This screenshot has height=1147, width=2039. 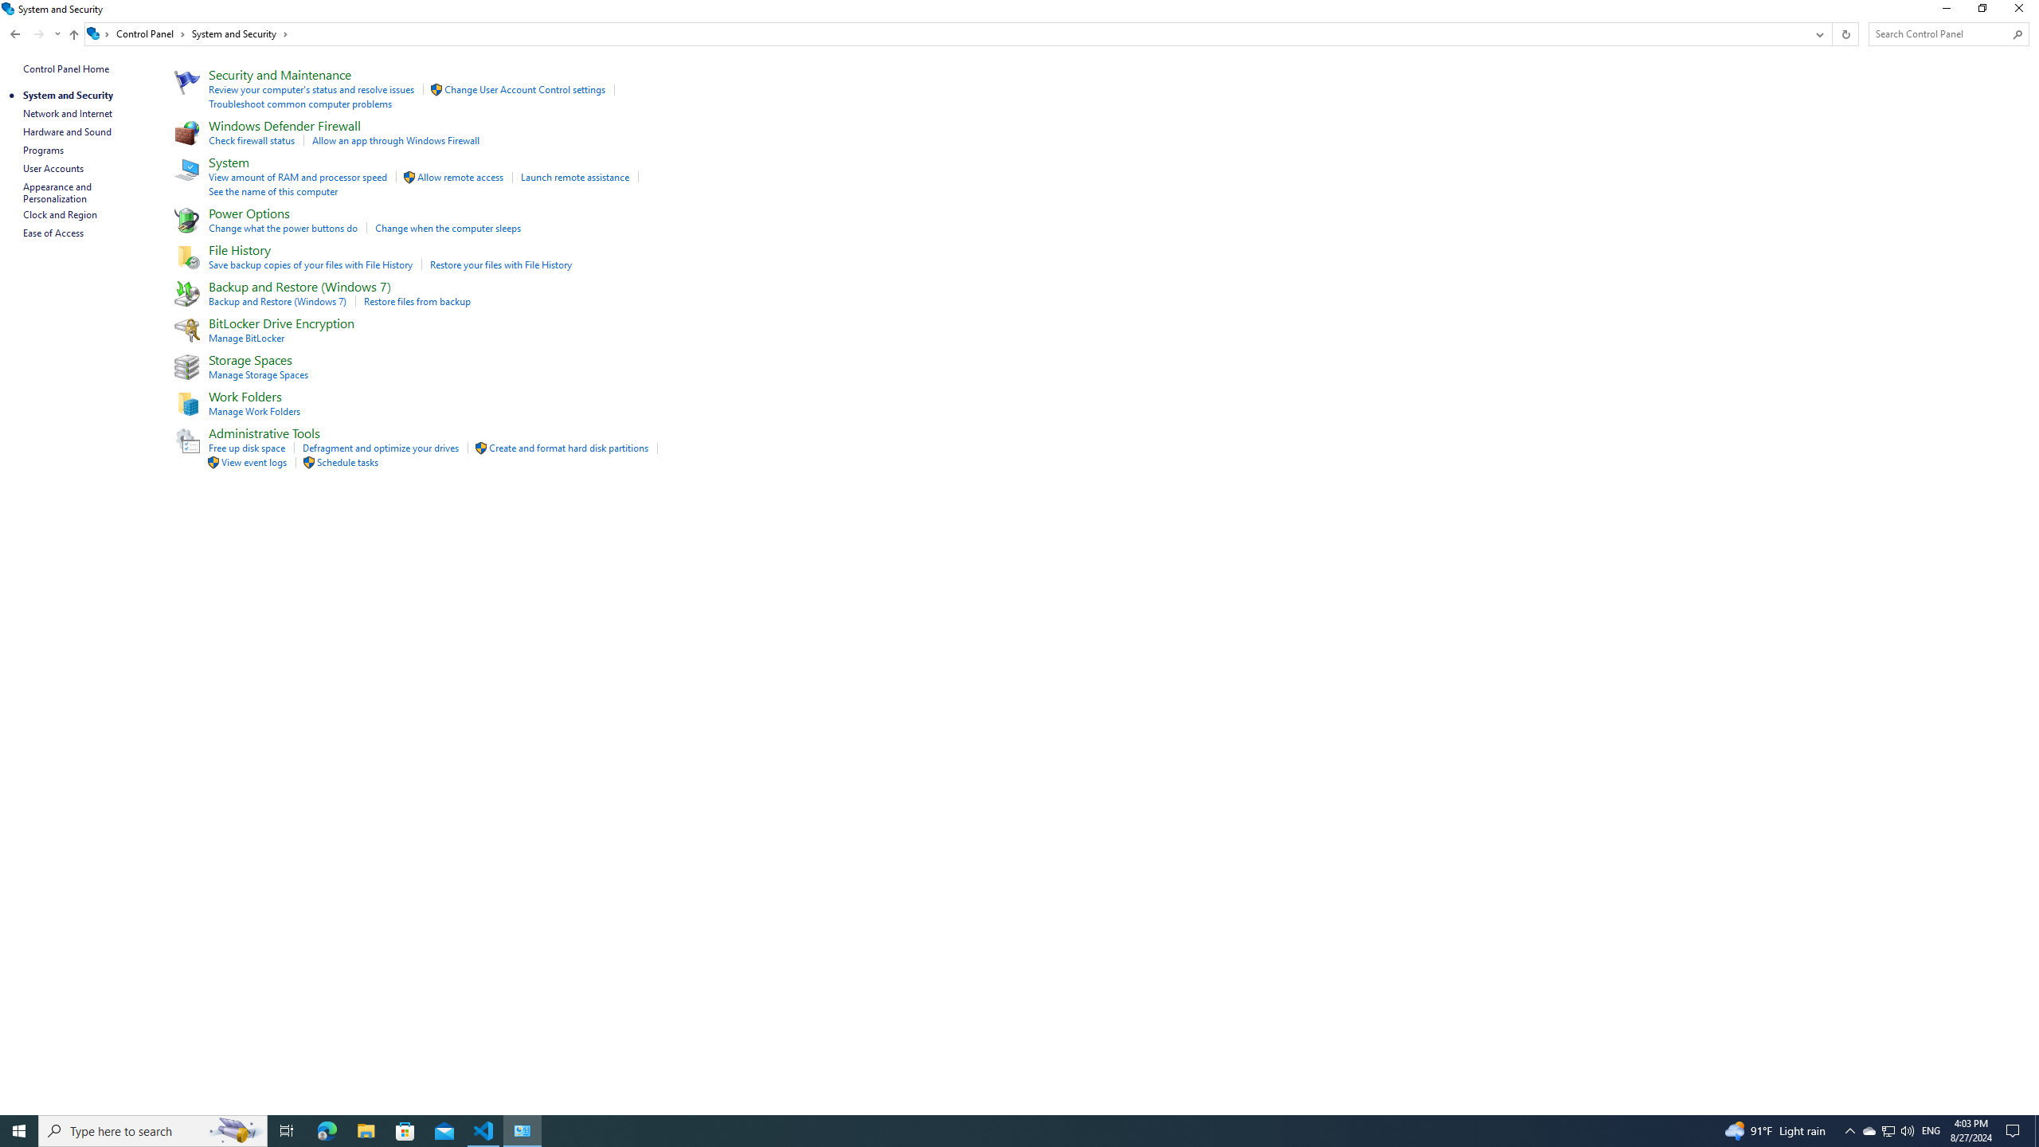 What do you see at coordinates (525, 88) in the screenshot?
I see `'Change User Account Control settings'` at bounding box center [525, 88].